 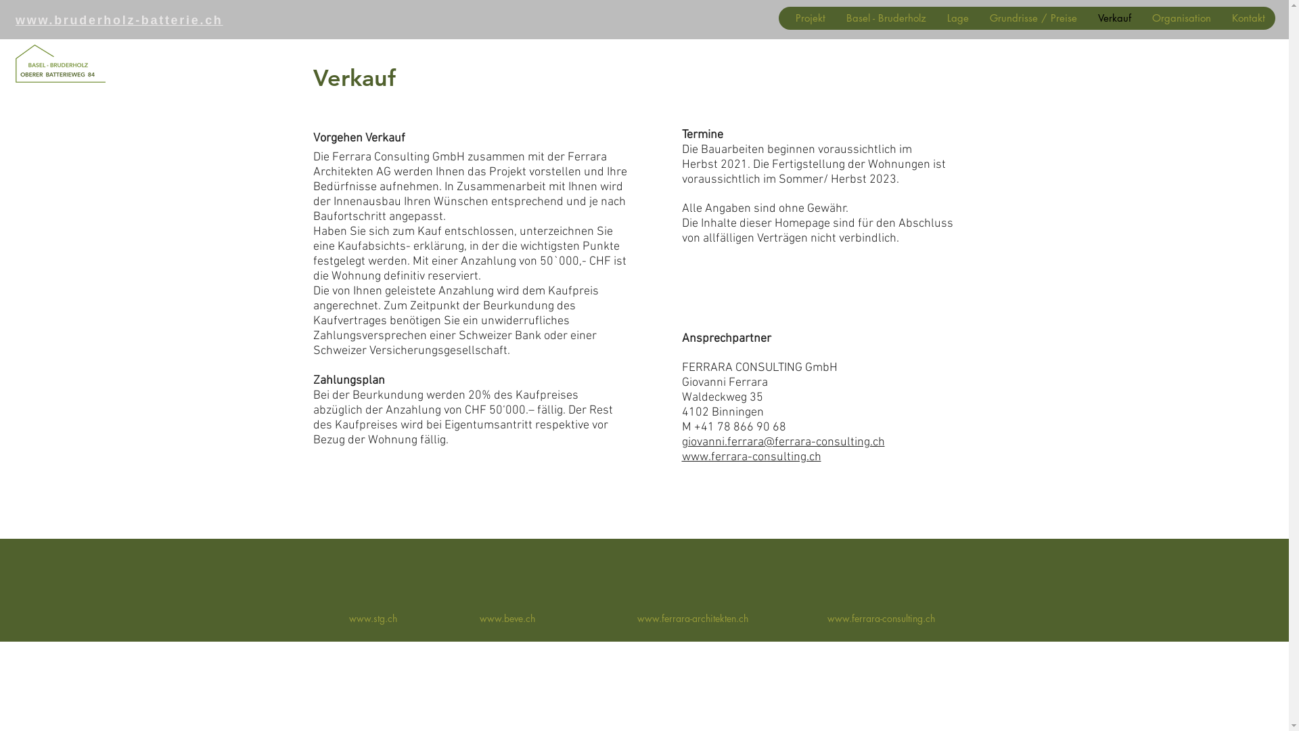 I want to click on 'Grundrisse / Preise', so click(x=1032, y=18).